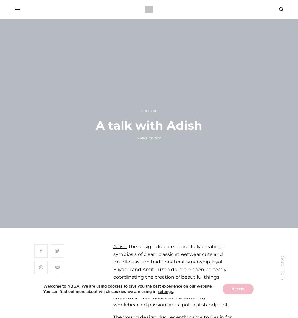 This screenshot has width=298, height=318. I want to click on '. We are using cookies to give you the best experience on our website.', so click(145, 286).